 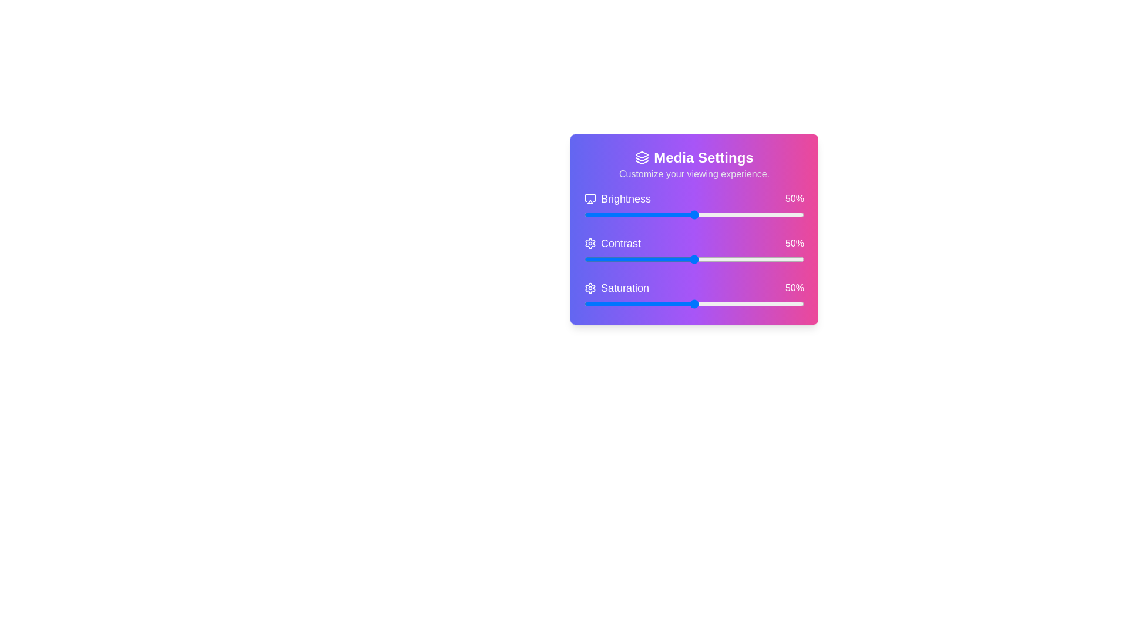 I want to click on the Settings icon, so click(x=590, y=243).